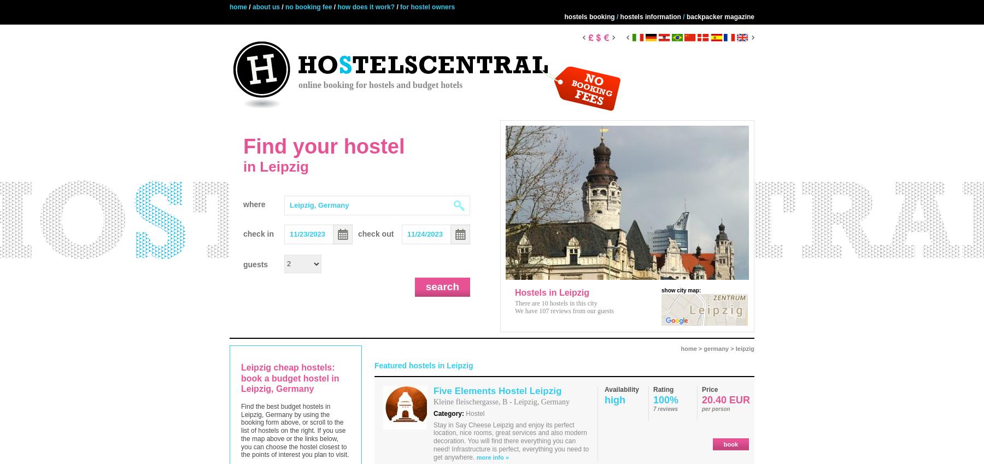  I want to click on 'No booking fee', so click(308, 6).